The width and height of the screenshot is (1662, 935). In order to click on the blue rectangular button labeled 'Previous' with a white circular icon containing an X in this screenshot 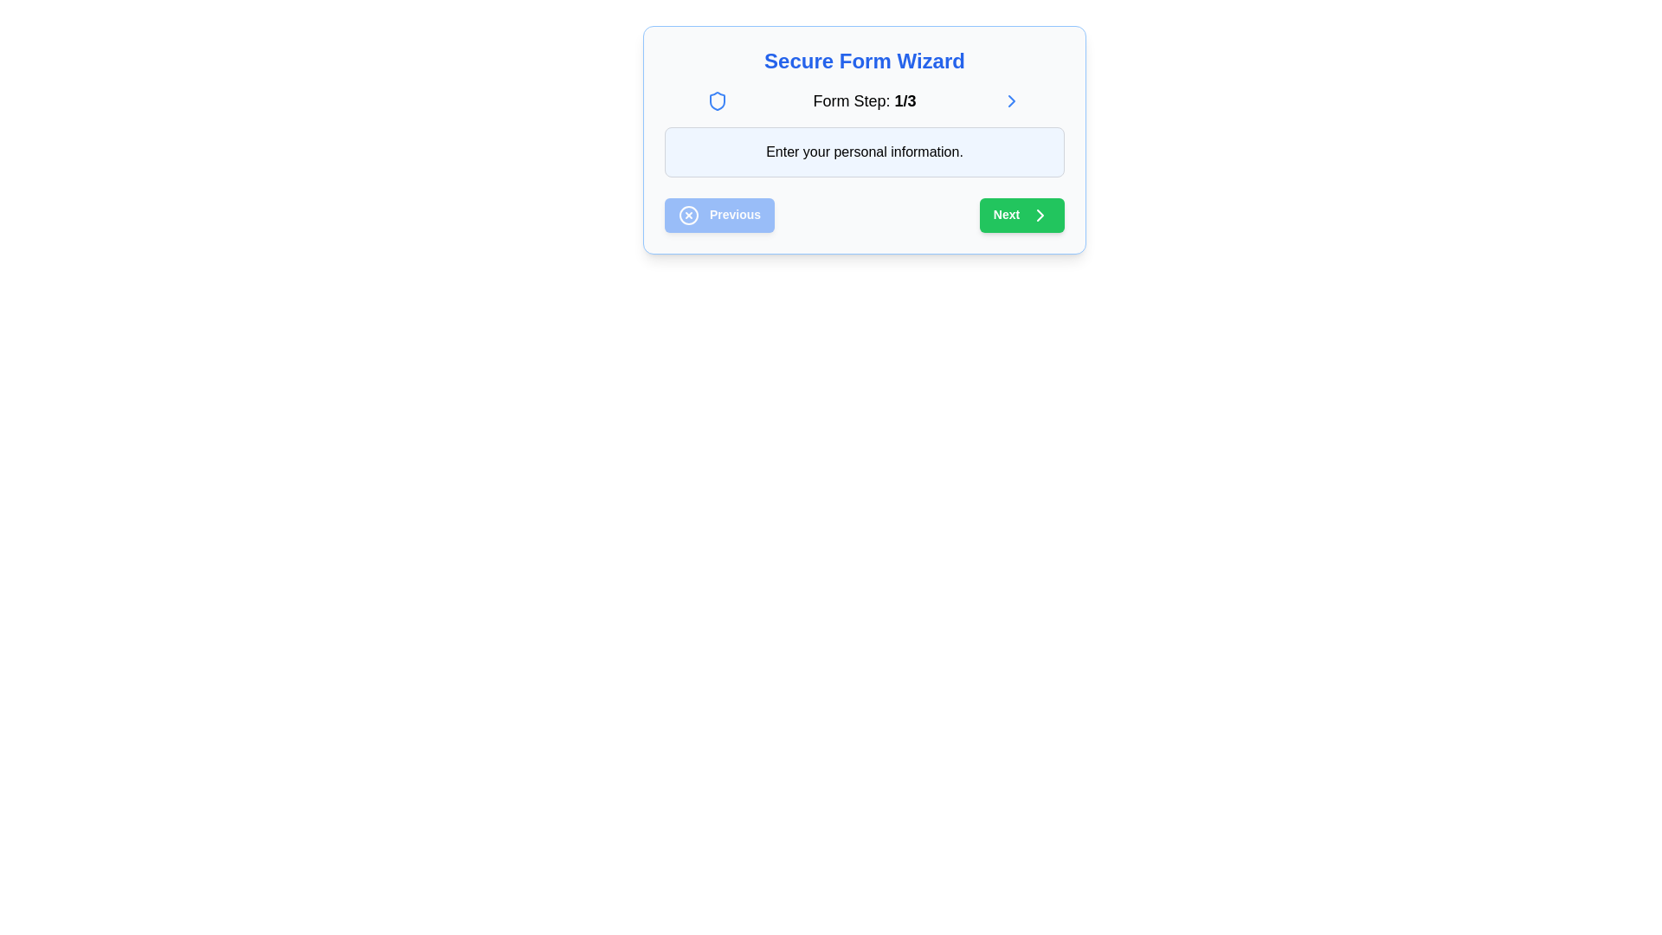, I will do `click(719, 215)`.